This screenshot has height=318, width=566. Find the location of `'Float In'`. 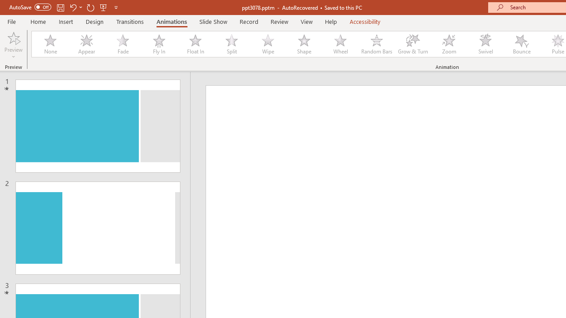

'Float In' is located at coordinates (195, 44).